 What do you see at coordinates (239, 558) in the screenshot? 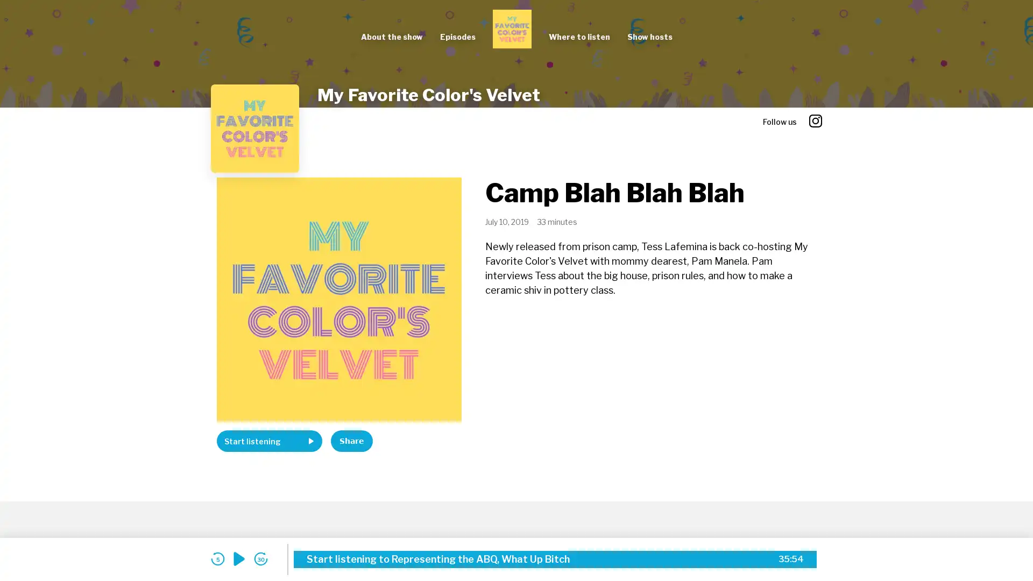
I see `play audio` at bounding box center [239, 558].